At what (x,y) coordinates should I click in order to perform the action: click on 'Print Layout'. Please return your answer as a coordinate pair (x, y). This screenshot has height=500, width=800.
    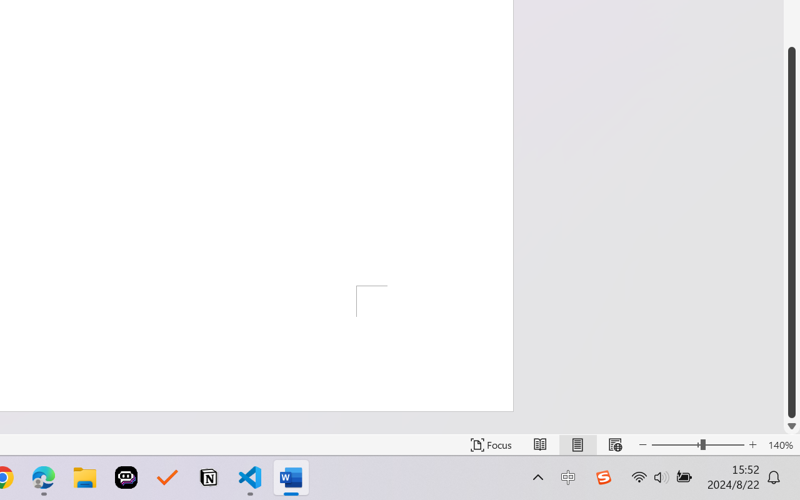
    Looking at the image, I should click on (577, 444).